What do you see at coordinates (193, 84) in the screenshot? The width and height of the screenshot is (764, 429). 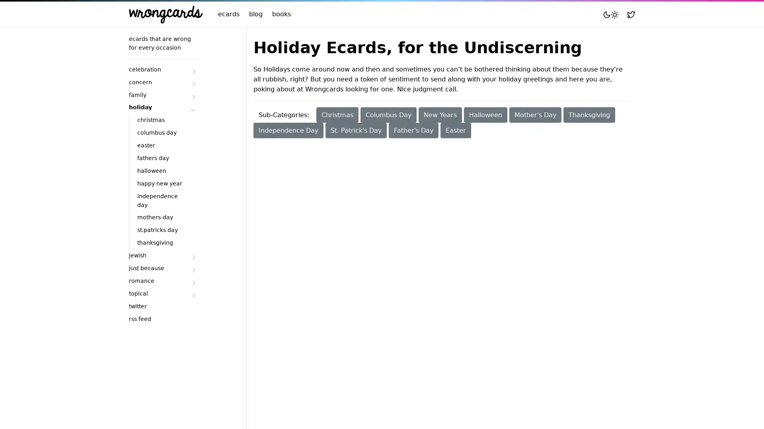 I see `Submenu` at bounding box center [193, 84].